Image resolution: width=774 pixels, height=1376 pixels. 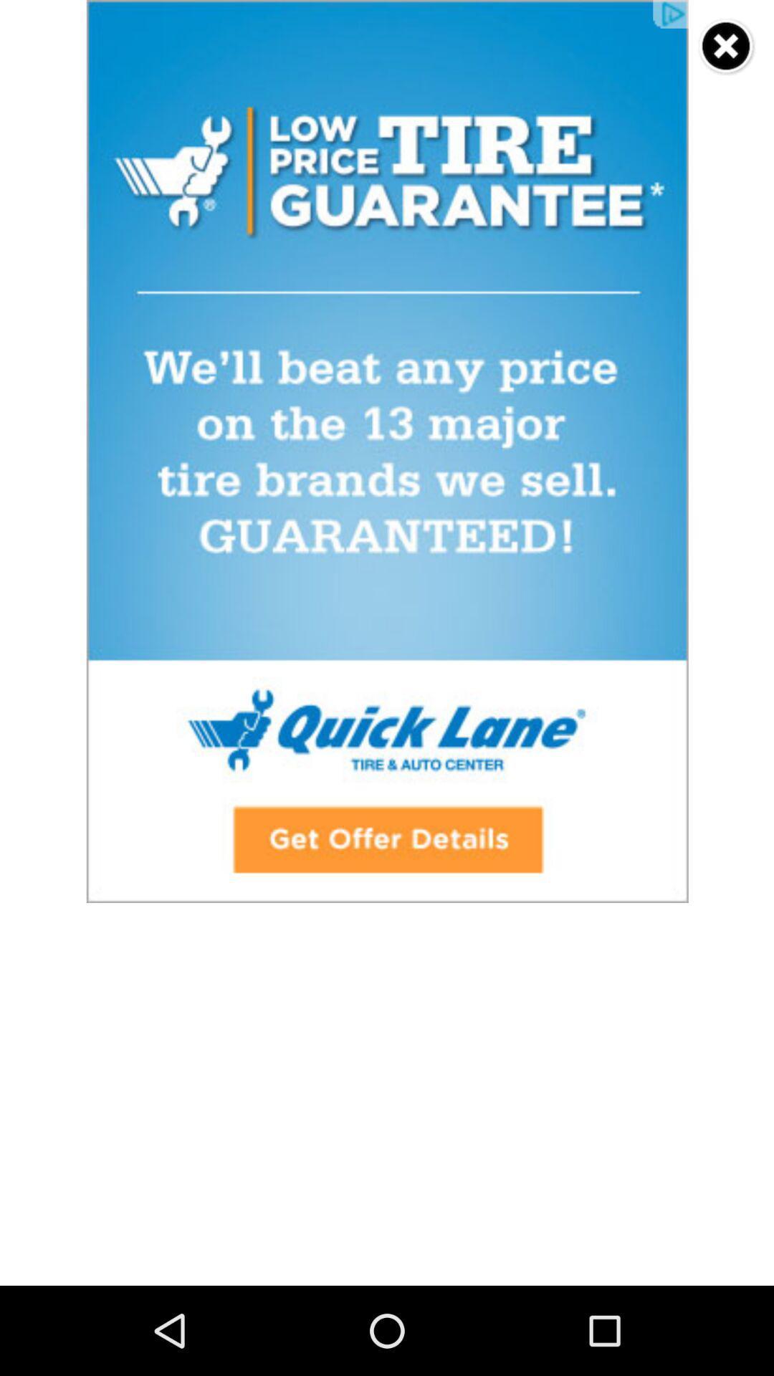 I want to click on the close icon, so click(x=727, y=50).